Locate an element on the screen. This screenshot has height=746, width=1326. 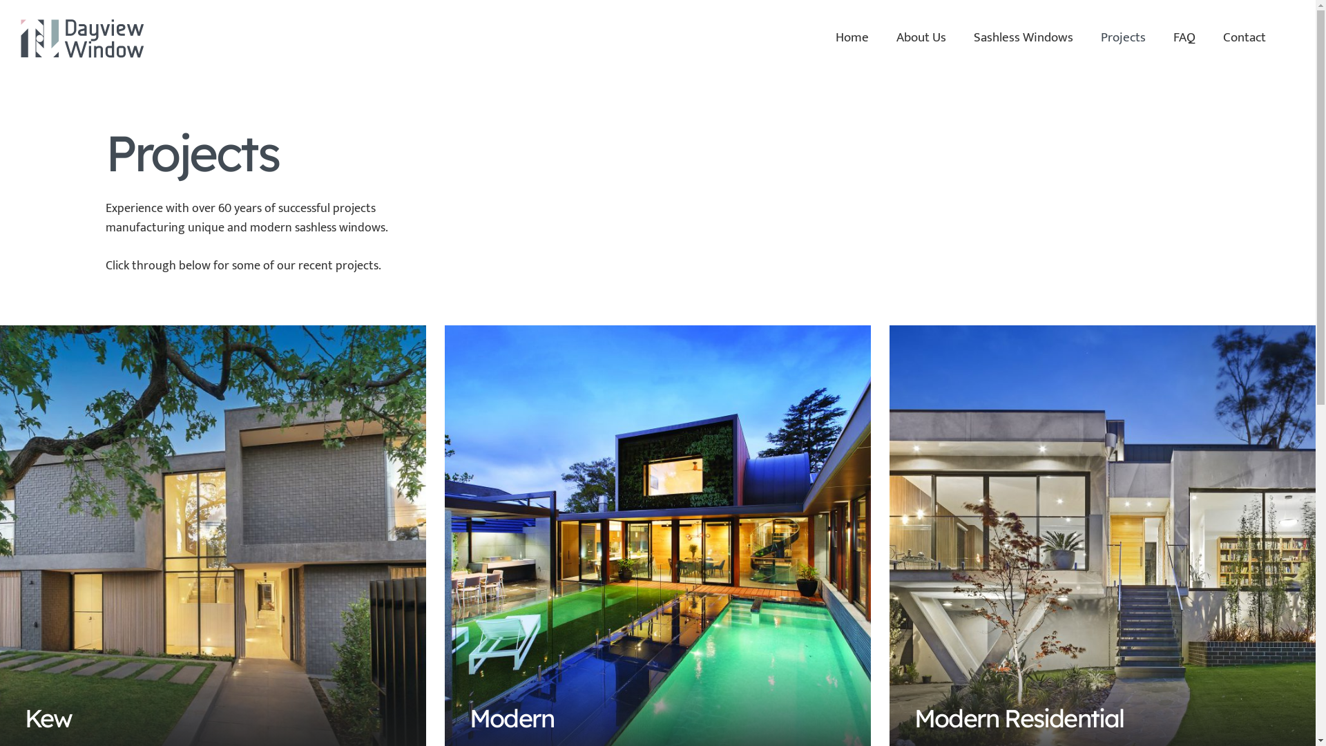
'Projects' is located at coordinates (1123, 37).